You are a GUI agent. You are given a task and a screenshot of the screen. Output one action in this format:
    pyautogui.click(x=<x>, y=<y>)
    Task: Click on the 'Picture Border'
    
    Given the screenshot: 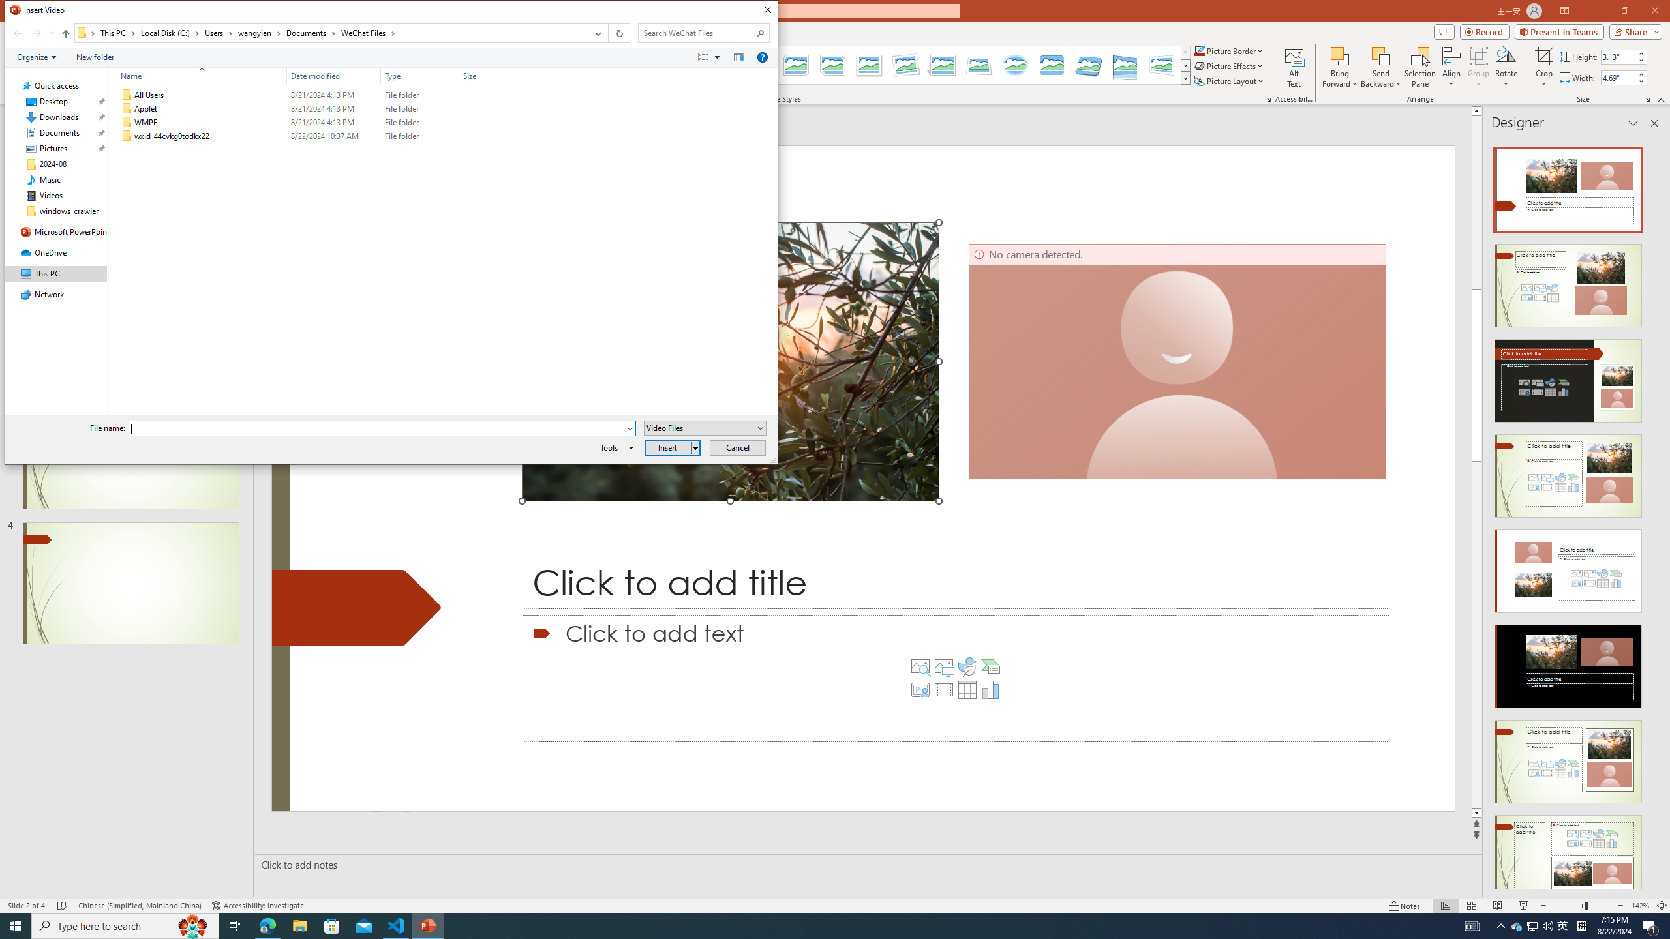 What is the action you would take?
    pyautogui.click(x=1228, y=50)
    